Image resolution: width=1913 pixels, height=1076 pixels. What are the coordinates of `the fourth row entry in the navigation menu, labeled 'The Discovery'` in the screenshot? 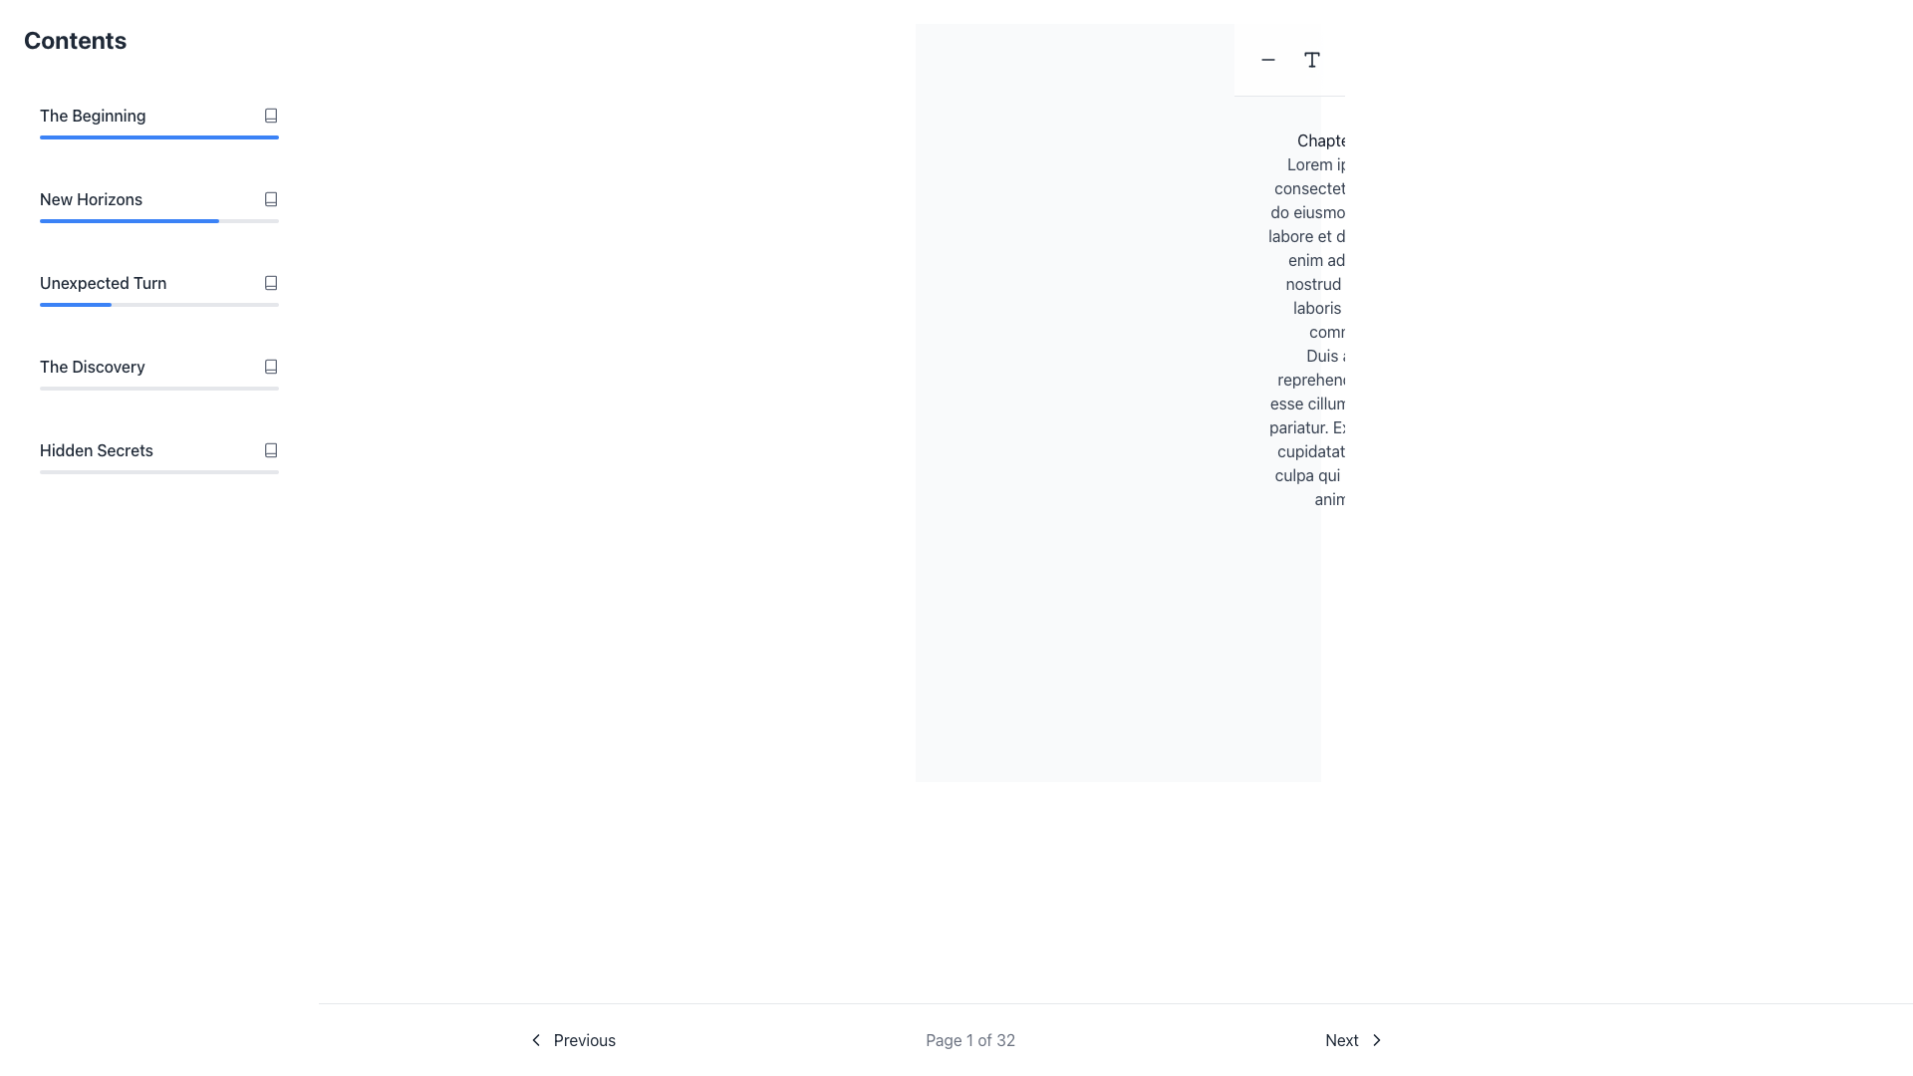 It's located at (157, 366).